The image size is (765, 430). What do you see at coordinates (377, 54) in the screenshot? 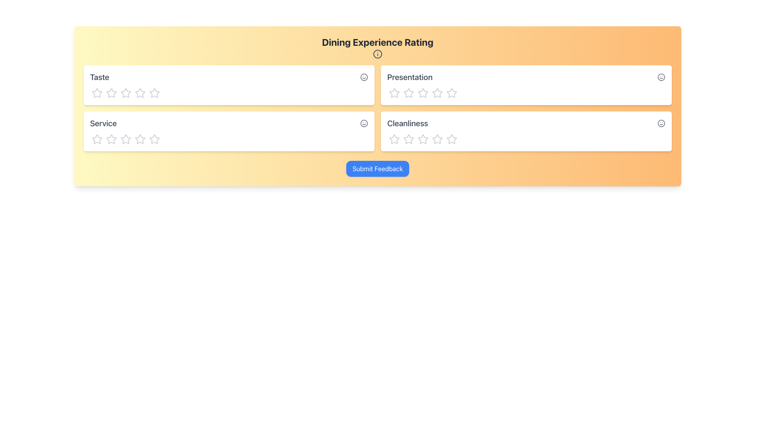
I see `the informational icon located above the 'Dining Experience Rating' section` at bounding box center [377, 54].